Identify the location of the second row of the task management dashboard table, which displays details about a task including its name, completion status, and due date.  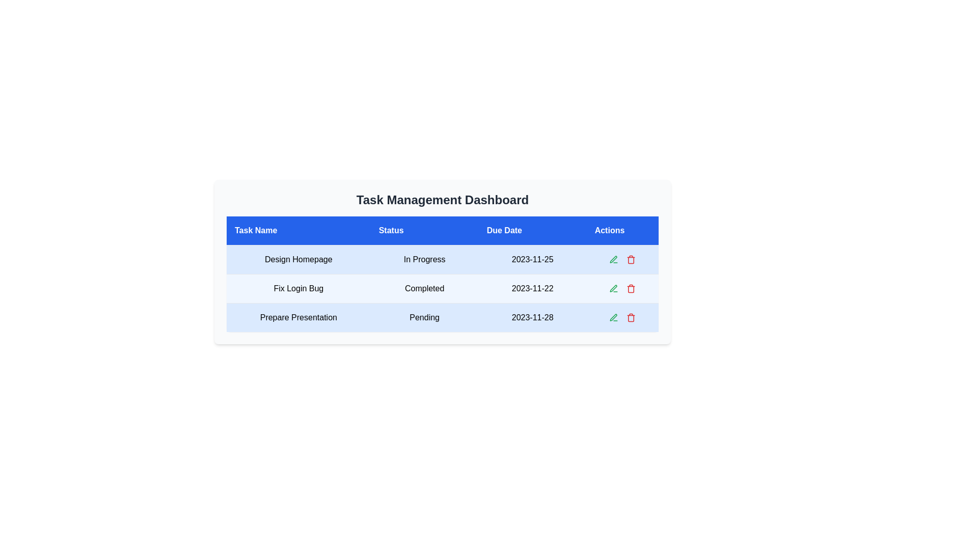
(442, 289).